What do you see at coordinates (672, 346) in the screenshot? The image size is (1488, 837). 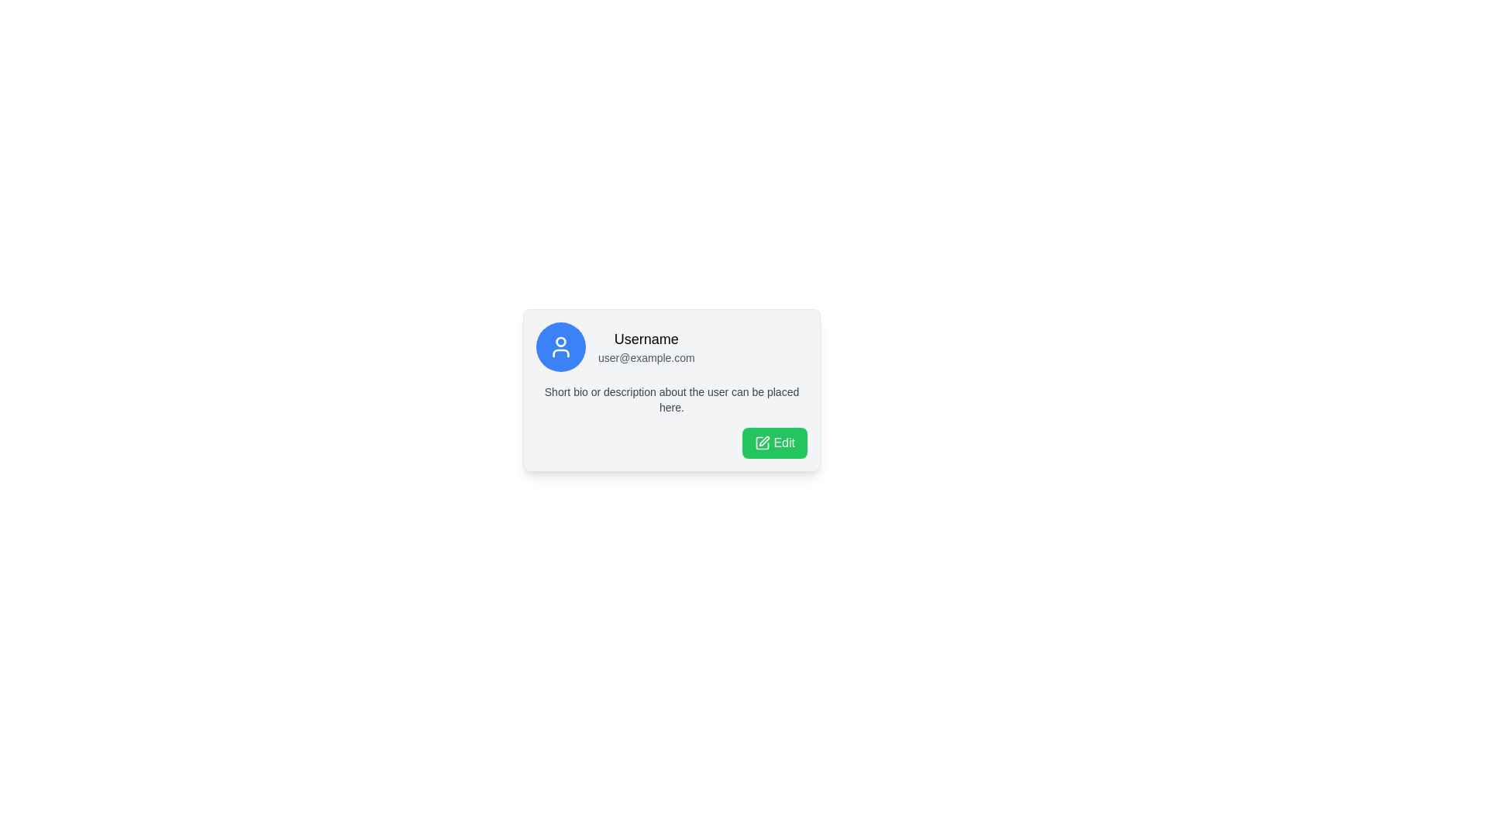 I see `the user profile composite element that includes a circular blue icon with a white silhouette representing the user avatar, the bold username 'Username' above, and the smaller gray email address 'user@example.com' beneath it` at bounding box center [672, 346].